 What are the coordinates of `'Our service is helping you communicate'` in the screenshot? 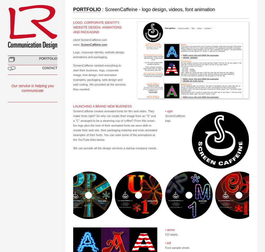 It's located at (11, 88).